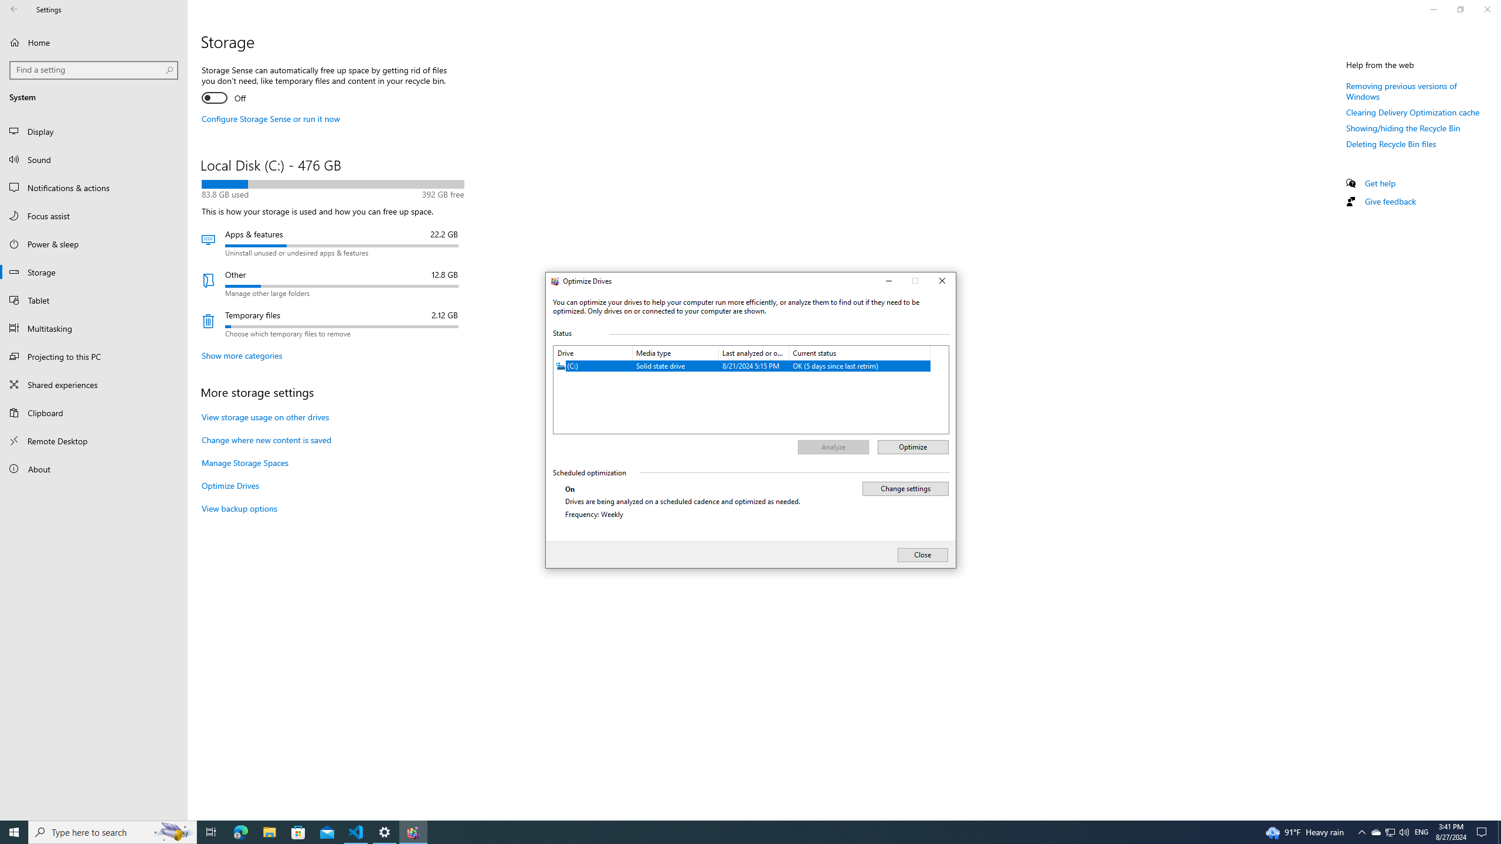 Image resolution: width=1501 pixels, height=844 pixels. I want to click on 'Minimize', so click(887, 281).